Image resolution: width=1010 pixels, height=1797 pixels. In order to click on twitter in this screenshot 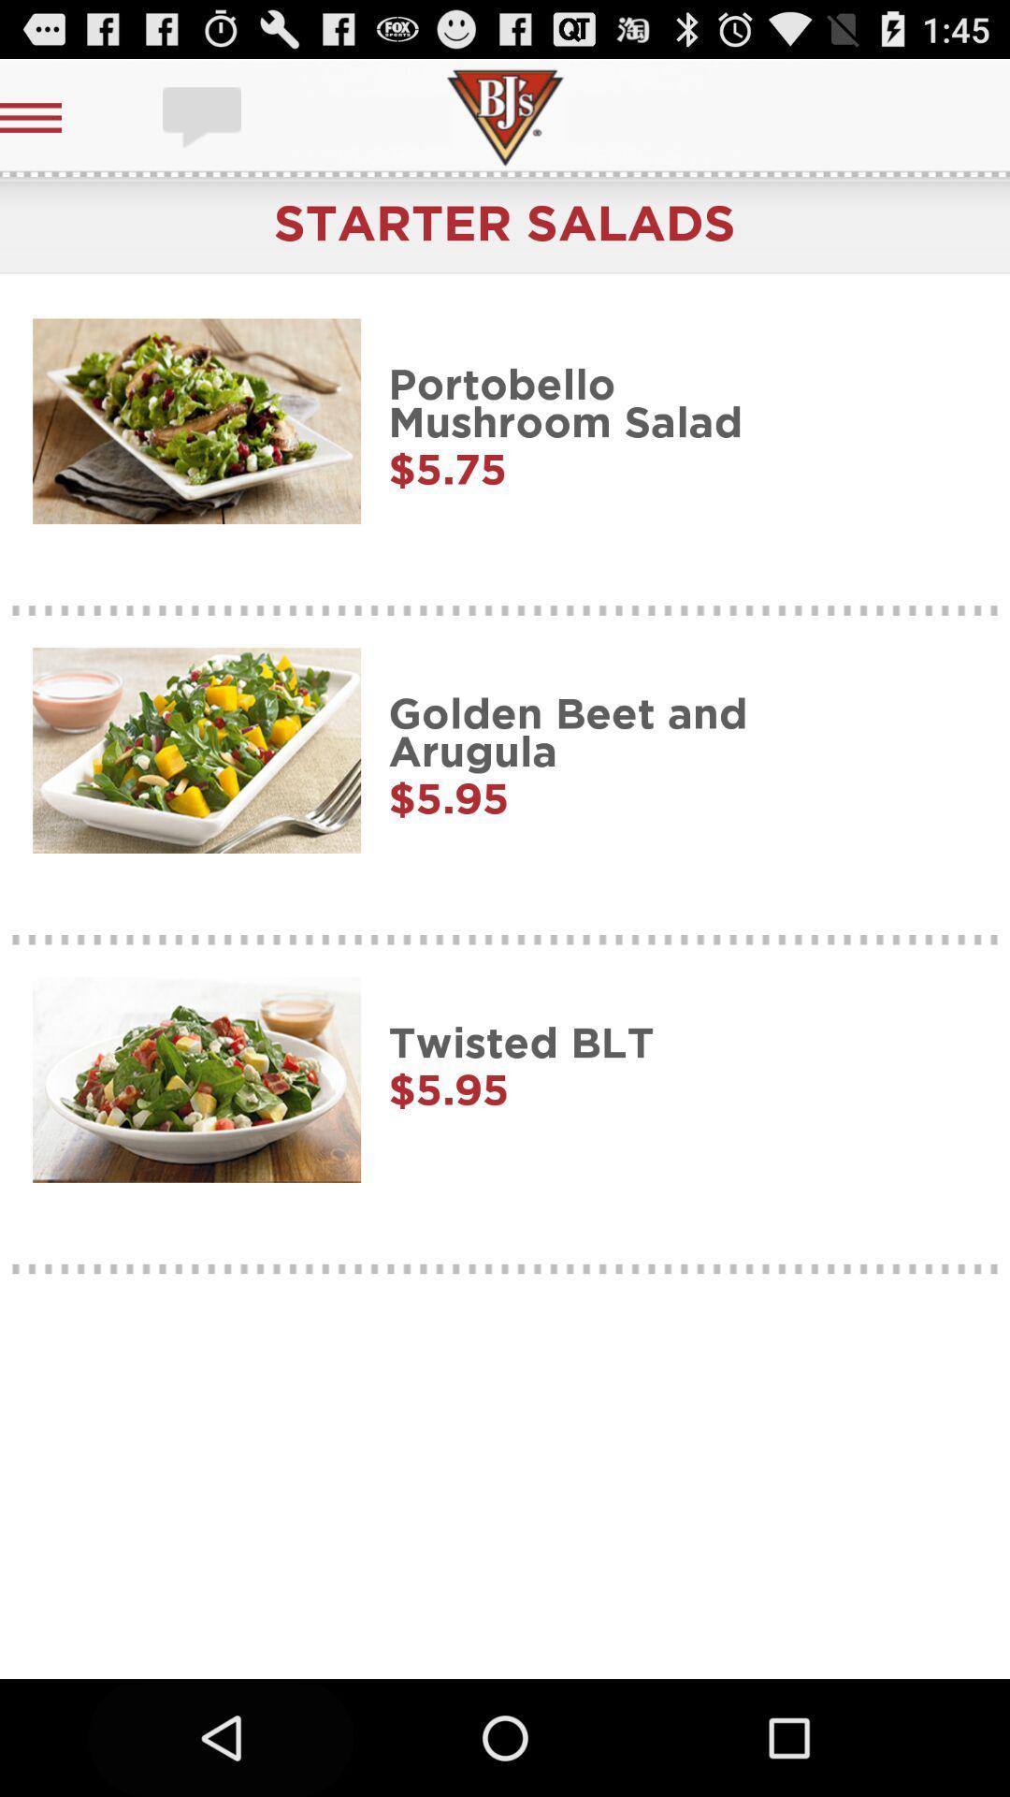, I will do `click(204, 116)`.